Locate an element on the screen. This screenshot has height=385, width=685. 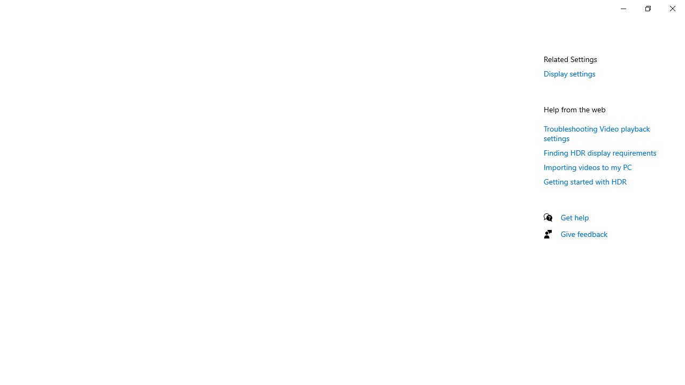
'Finding HDR display requirements' is located at coordinates (600, 152).